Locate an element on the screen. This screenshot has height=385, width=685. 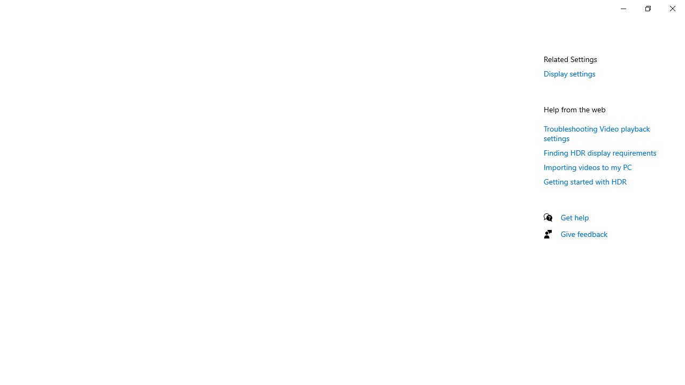
'Finding HDR display requirements' is located at coordinates (600, 152).